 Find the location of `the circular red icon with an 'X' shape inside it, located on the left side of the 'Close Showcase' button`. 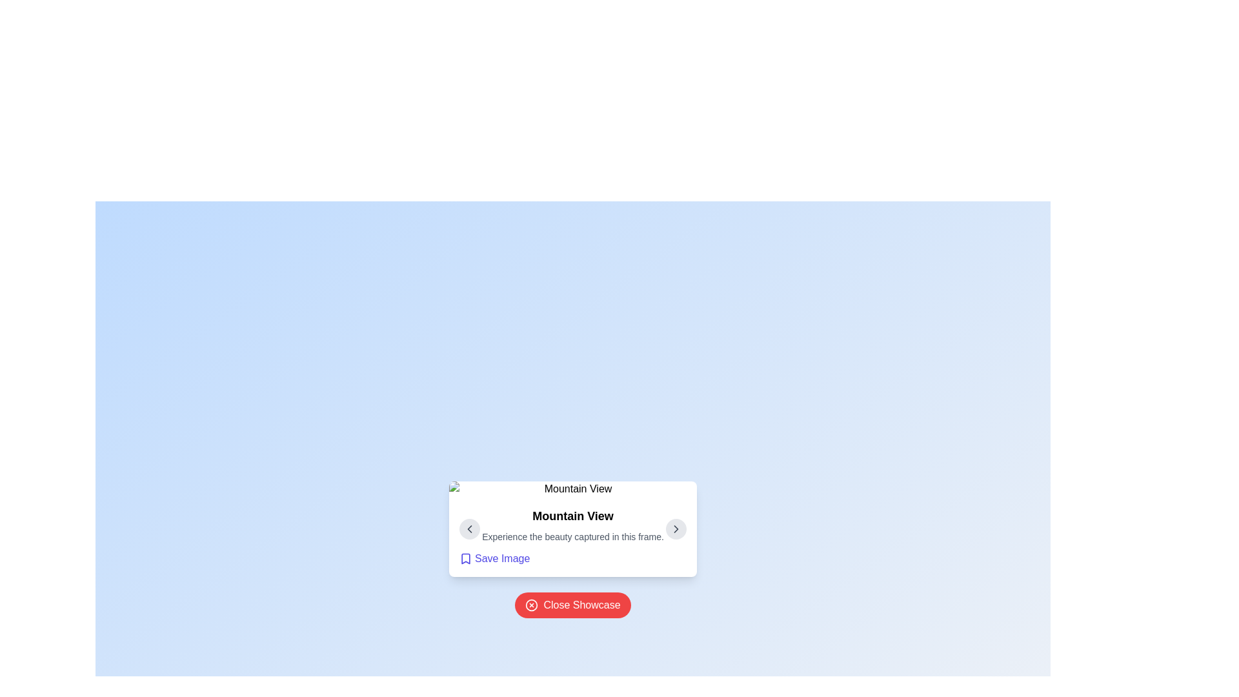

the circular red icon with an 'X' shape inside it, located on the left side of the 'Close Showcase' button is located at coordinates (532, 605).